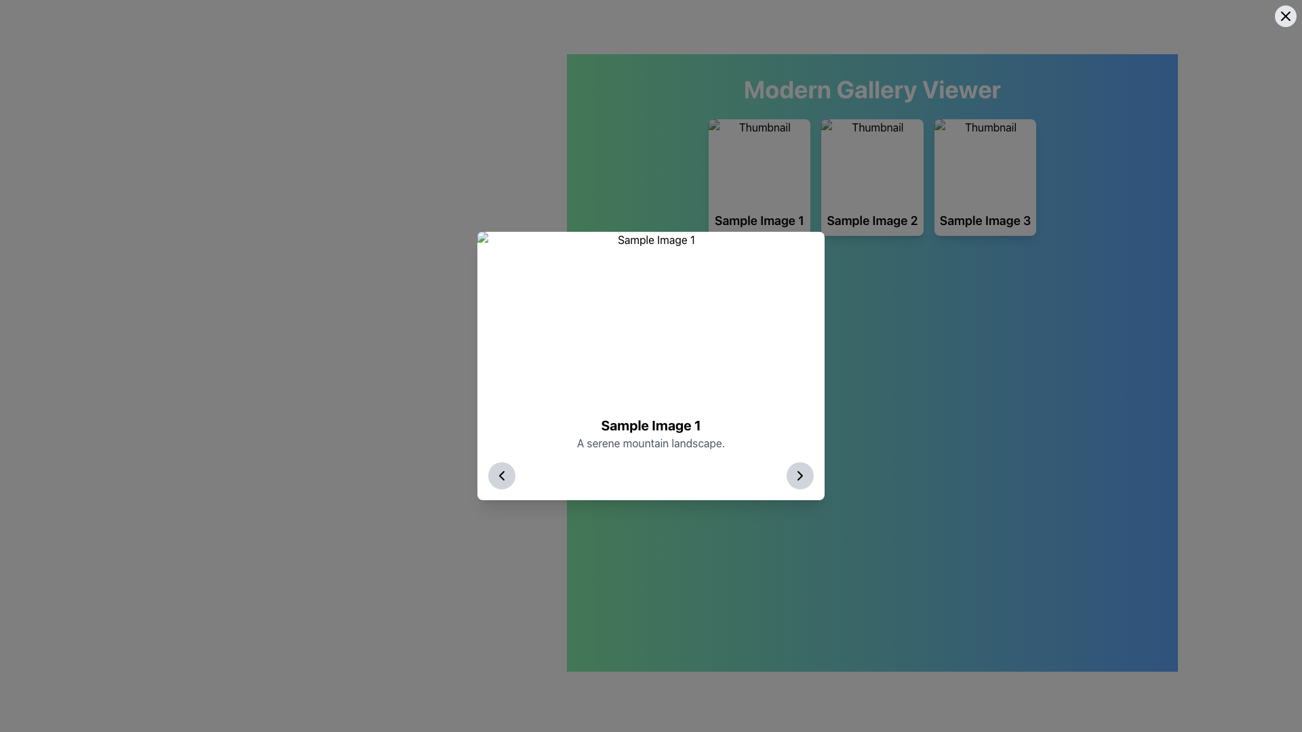 The image size is (1302, 732). Describe the element at coordinates (651, 452) in the screenshot. I see `contents of the centered text block within the white card, which displays 'Sample Image 1' and a description 'A serene mountain landscape.'` at that location.